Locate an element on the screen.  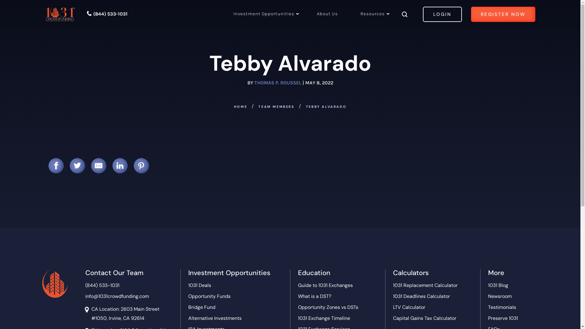
'1031 Blog' is located at coordinates (498, 285).